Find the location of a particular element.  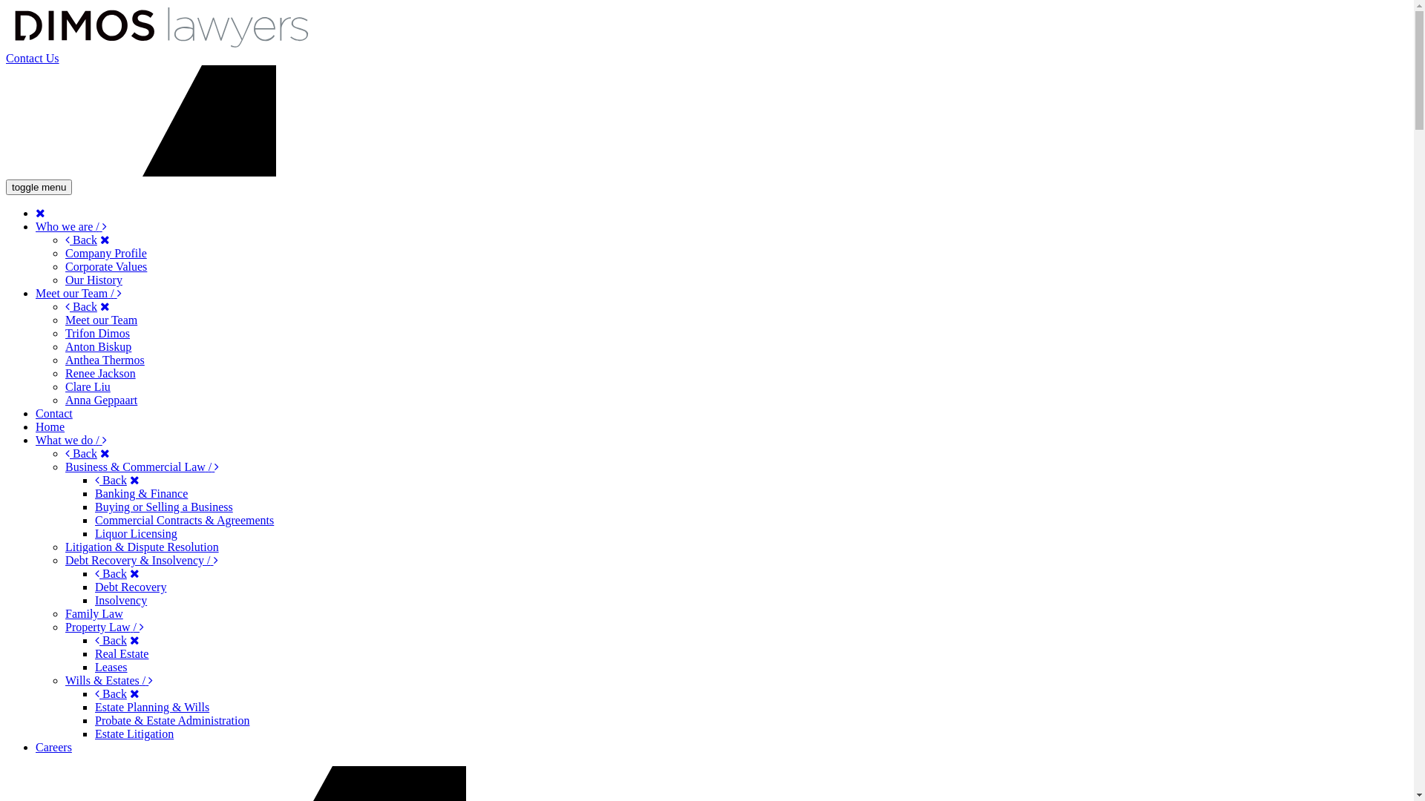

'Anna Geppaart' is located at coordinates (100, 399).